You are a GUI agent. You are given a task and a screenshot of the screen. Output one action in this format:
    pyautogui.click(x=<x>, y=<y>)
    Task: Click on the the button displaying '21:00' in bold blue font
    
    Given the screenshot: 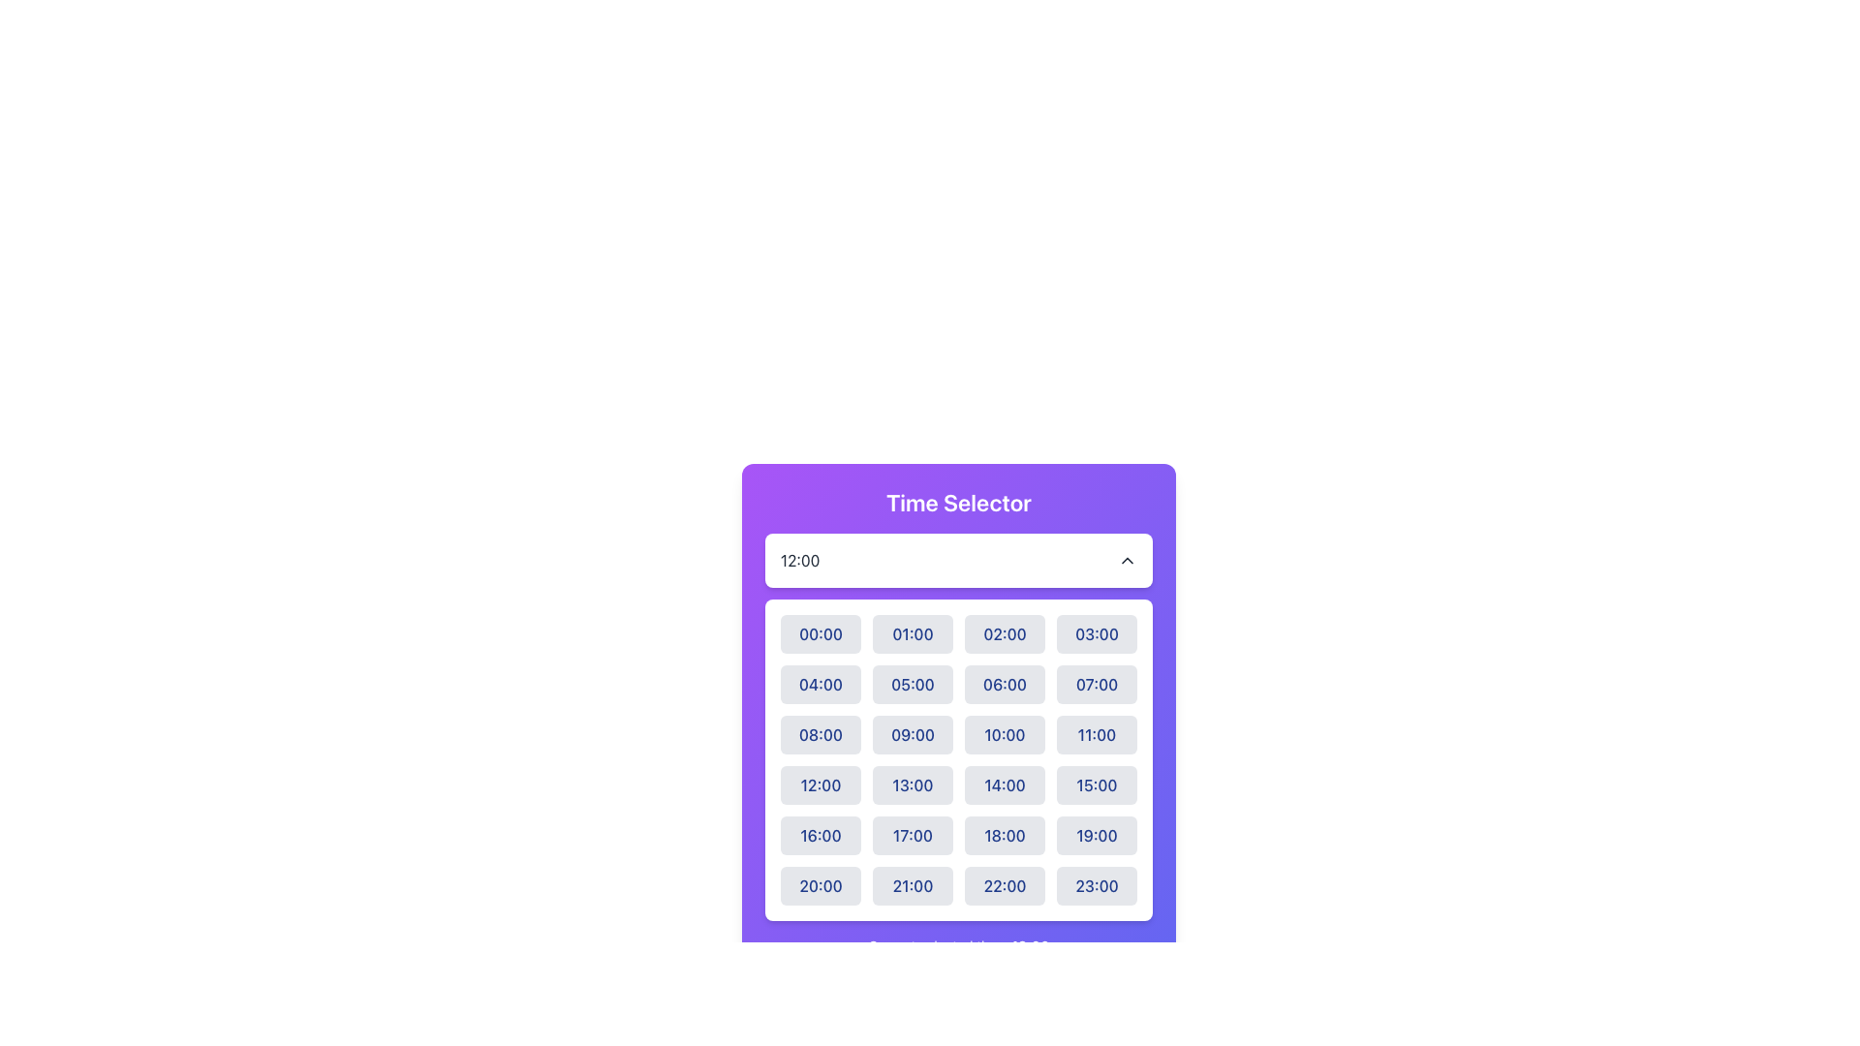 What is the action you would take?
    pyautogui.click(x=912, y=885)
    